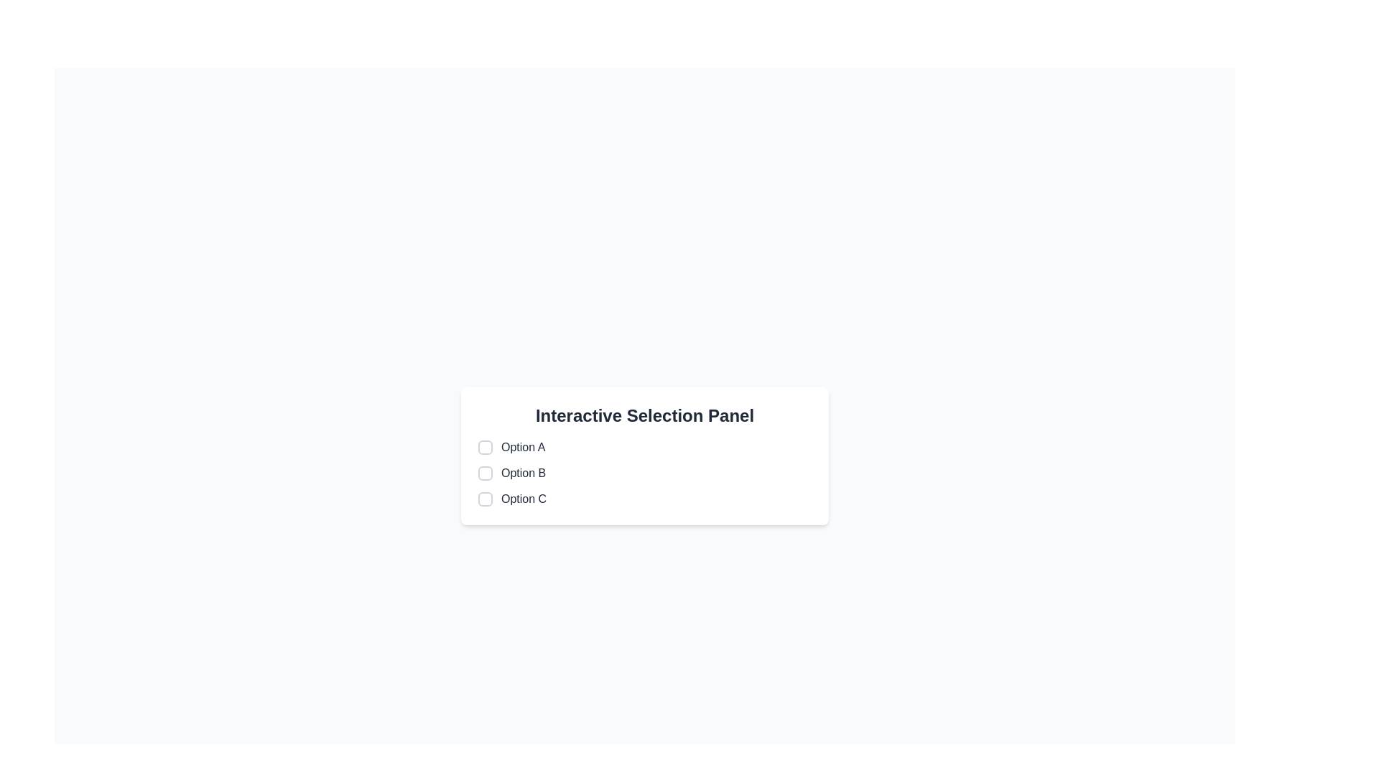 This screenshot has width=1379, height=776. What do you see at coordinates (486, 498) in the screenshot?
I see `the checkbox element associated with 'Option C'` at bounding box center [486, 498].